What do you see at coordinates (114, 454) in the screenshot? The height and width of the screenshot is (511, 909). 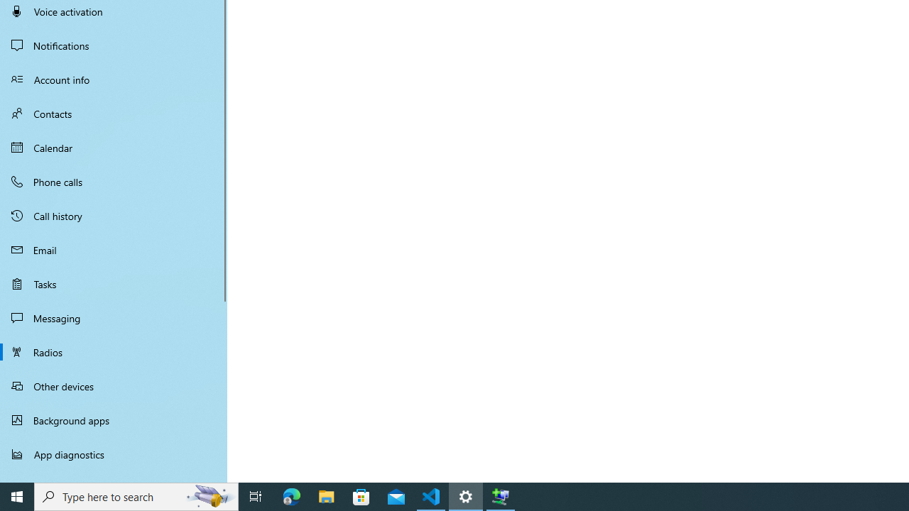 I see `'App diagnostics'` at bounding box center [114, 454].